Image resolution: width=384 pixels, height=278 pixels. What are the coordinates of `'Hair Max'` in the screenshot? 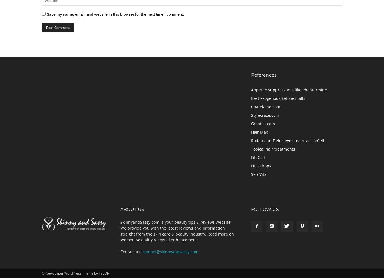 It's located at (259, 132).